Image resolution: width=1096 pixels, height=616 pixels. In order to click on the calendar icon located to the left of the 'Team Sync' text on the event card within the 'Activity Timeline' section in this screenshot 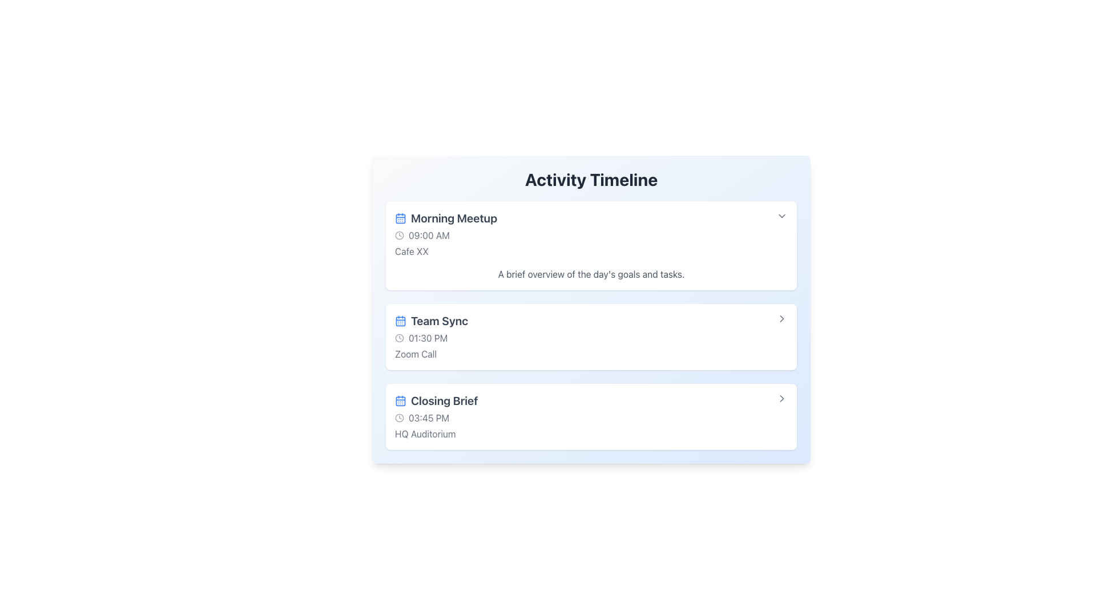, I will do `click(400, 321)`.